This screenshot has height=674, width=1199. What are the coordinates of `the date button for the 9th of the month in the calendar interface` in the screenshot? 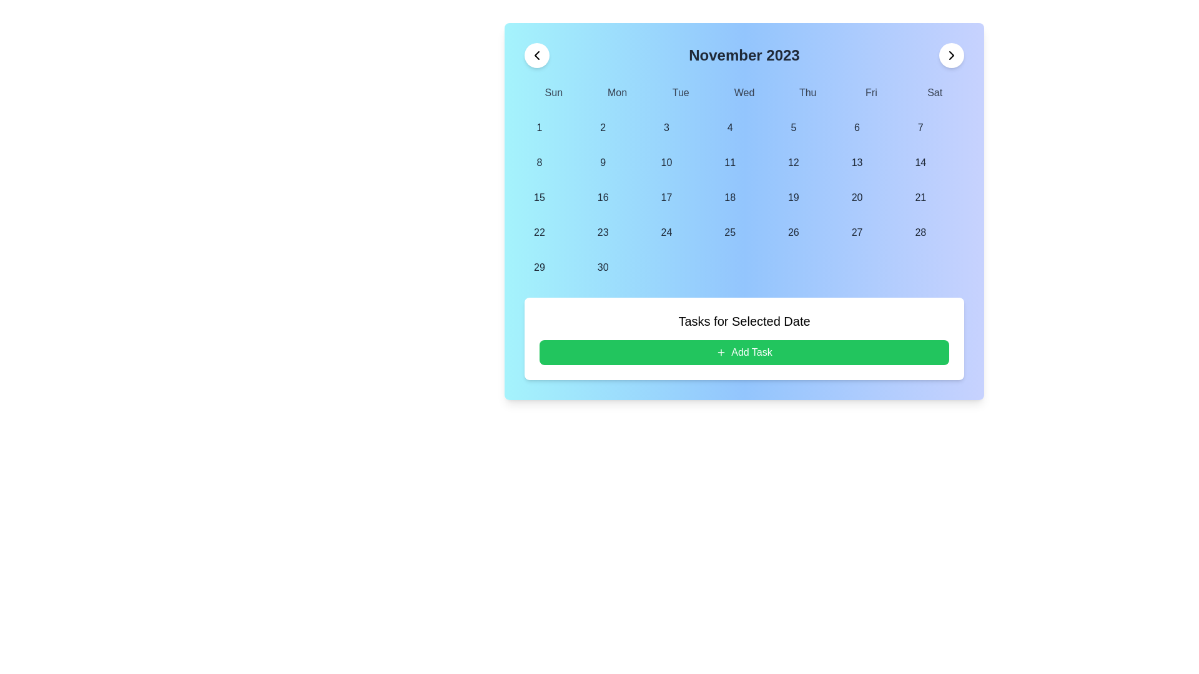 It's located at (603, 162).